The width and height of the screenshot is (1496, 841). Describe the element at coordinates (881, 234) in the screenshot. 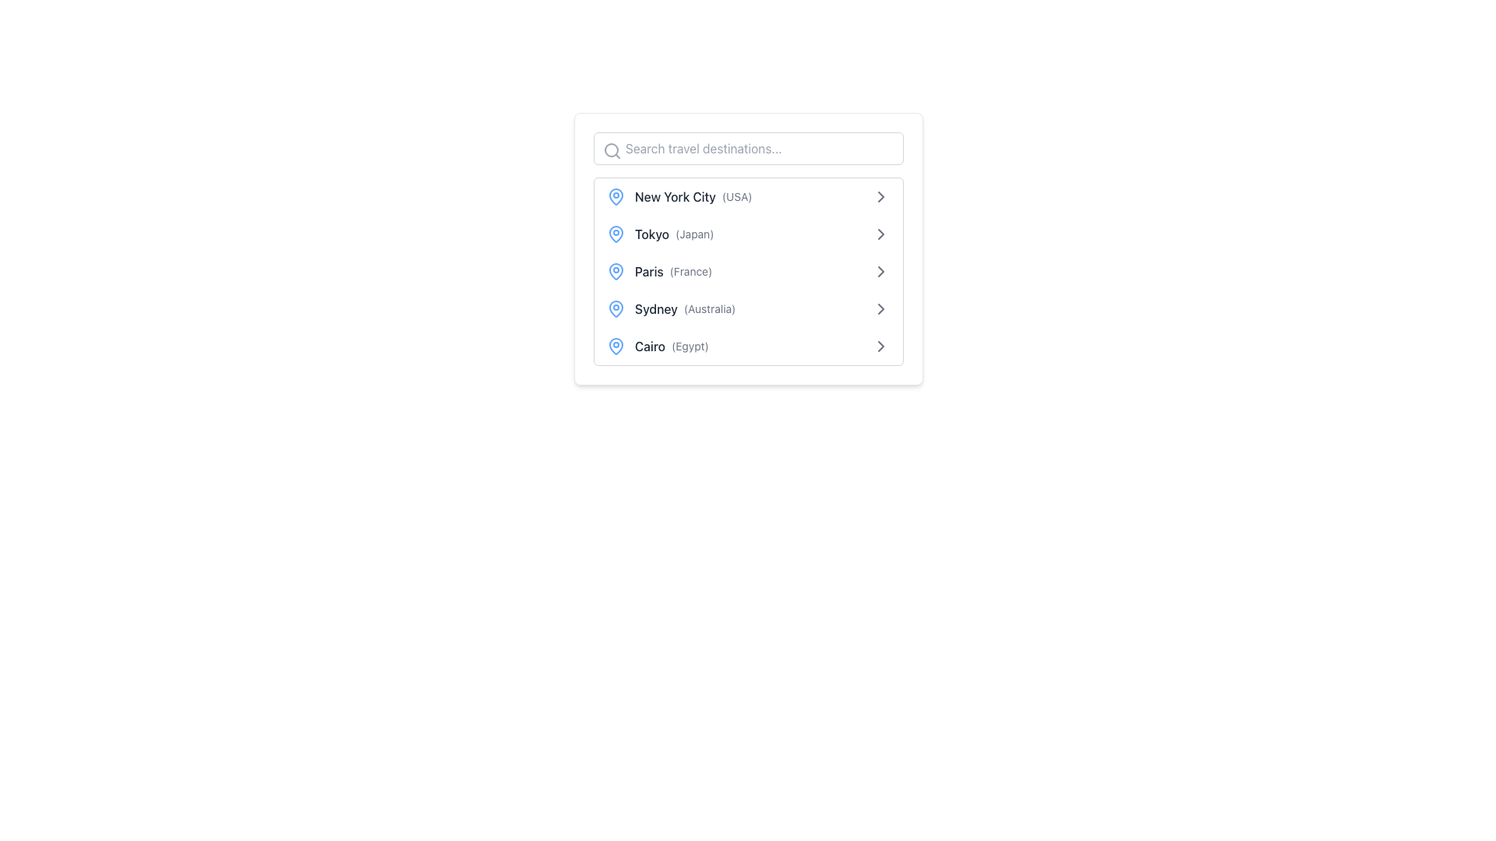

I see `the chevron icon that serves as an interactive clue for the 'Tokyo (Japan)' list item, located on the far-right side of the row` at that location.